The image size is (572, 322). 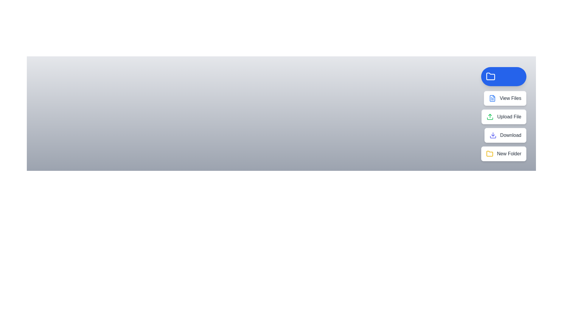 I want to click on the 'New Folder' button to create a new folder, so click(x=503, y=154).